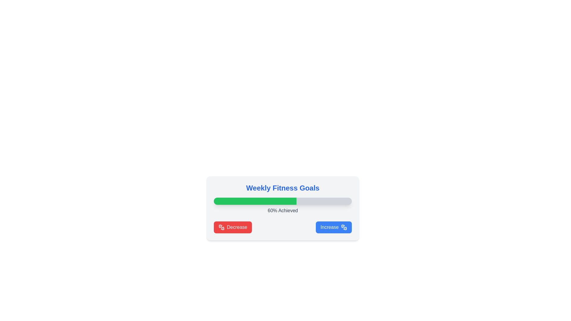 The image size is (571, 321). I want to click on the leftmost button designed to decrease a fitness-related metric, so click(233, 227).